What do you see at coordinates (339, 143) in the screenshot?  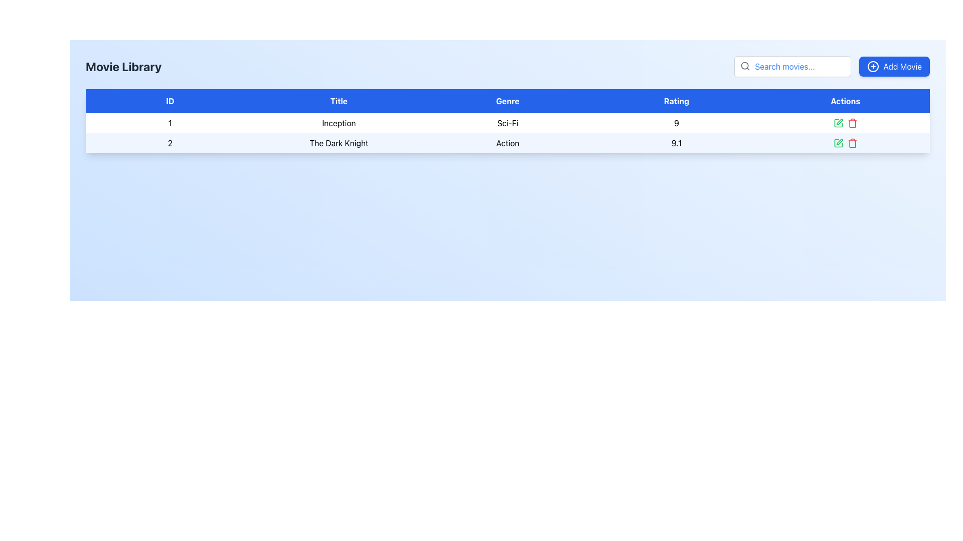 I see `the text label displaying 'The Dark Knight' located in the second row of the table under the 'Title' column` at bounding box center [339, 143].